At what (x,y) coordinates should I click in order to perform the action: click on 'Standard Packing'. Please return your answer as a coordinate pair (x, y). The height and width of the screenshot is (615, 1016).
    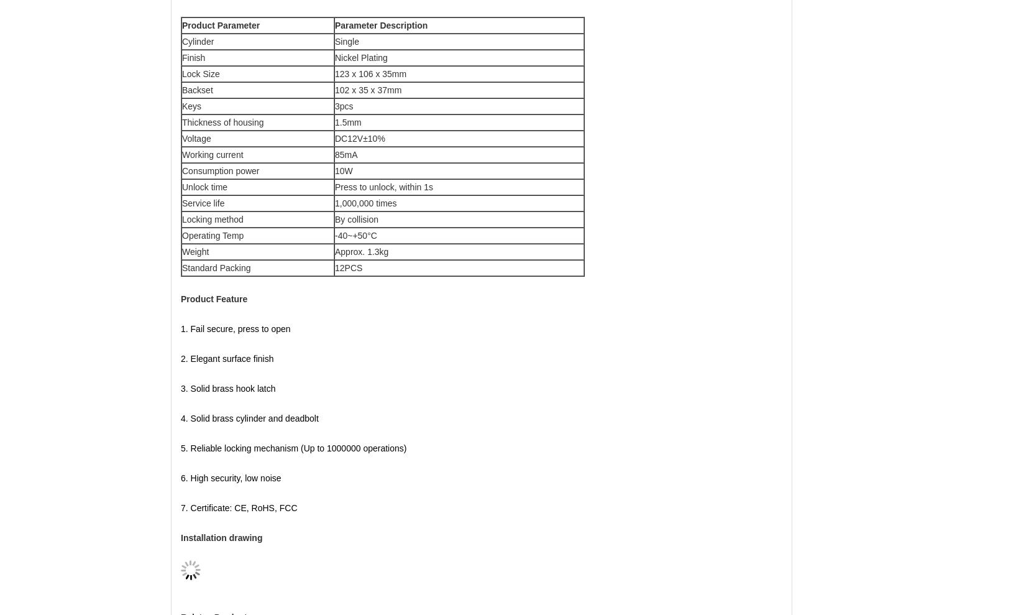
    Looking at the image, I should click on (215, 268).